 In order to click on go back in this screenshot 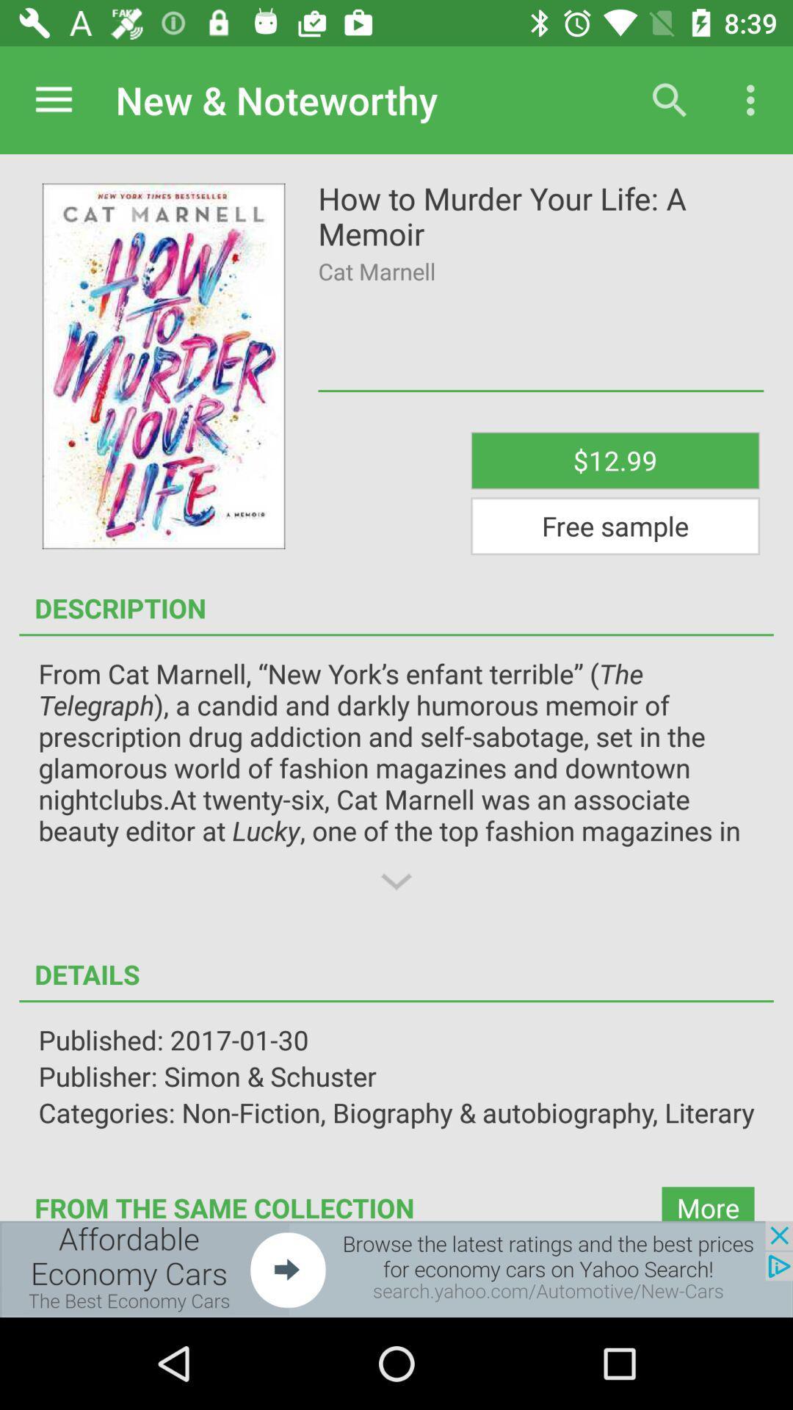, I will do `click(396, 1268)`.